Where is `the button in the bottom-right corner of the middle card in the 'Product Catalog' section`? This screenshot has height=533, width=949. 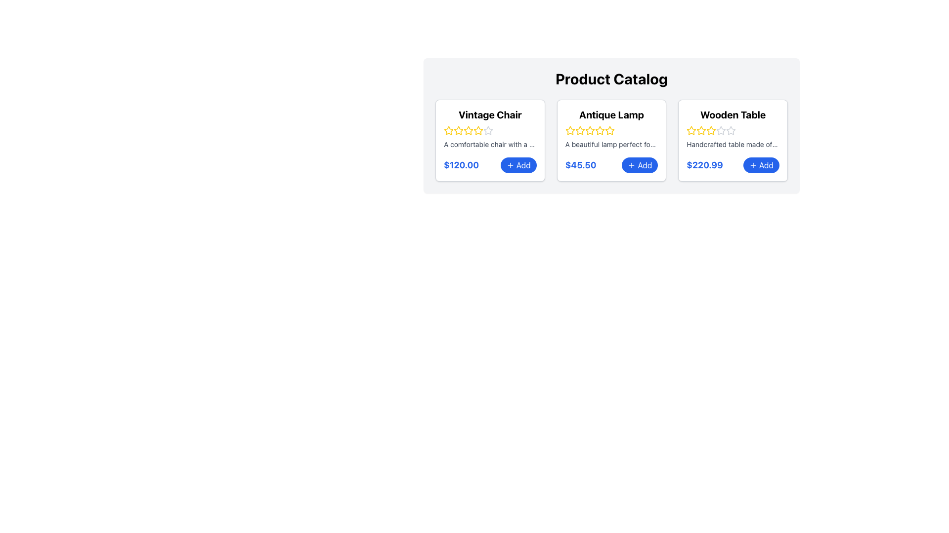
the button in the bottom-right corner of the middle card in the 'Product Catalog' section is located at coordinates (640, 165).